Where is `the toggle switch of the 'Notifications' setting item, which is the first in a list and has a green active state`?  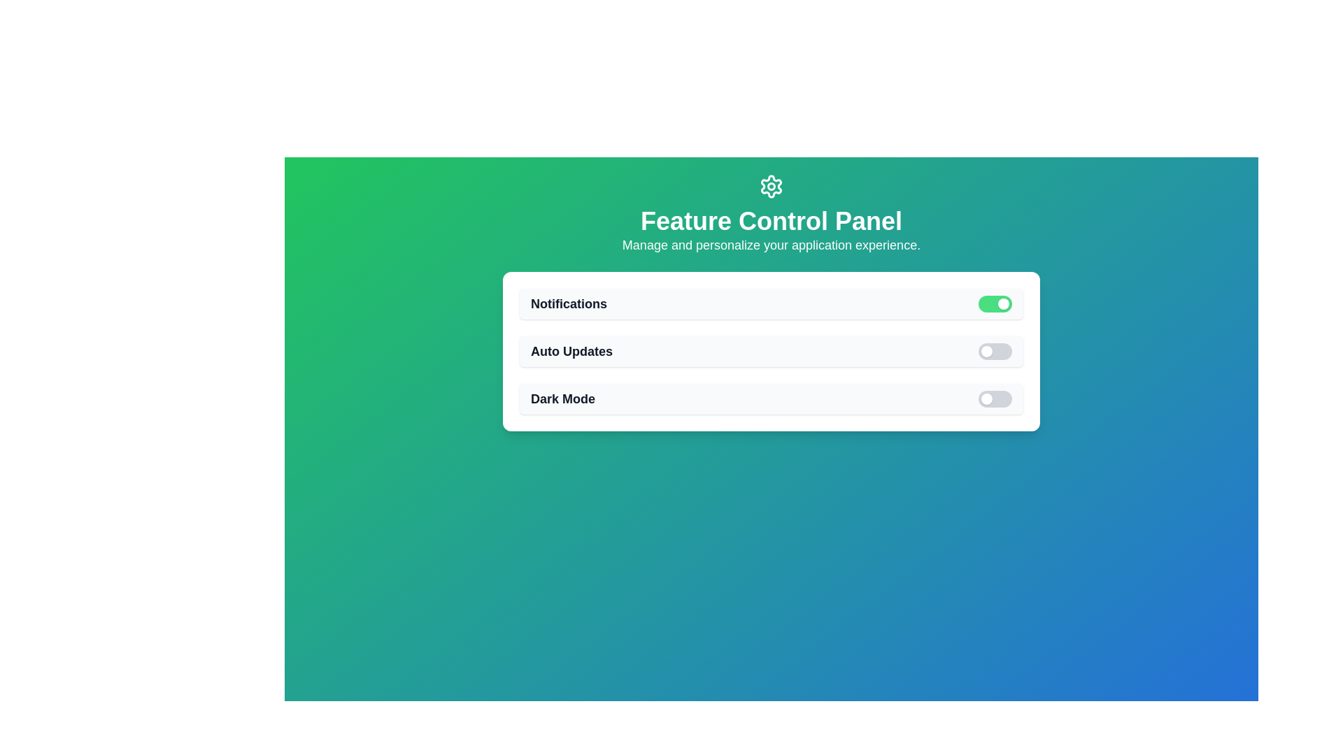
the toggle switch of the 'Notifications' setting item, which is the first in a list and has a green active state is located at coordinates (771, 303).